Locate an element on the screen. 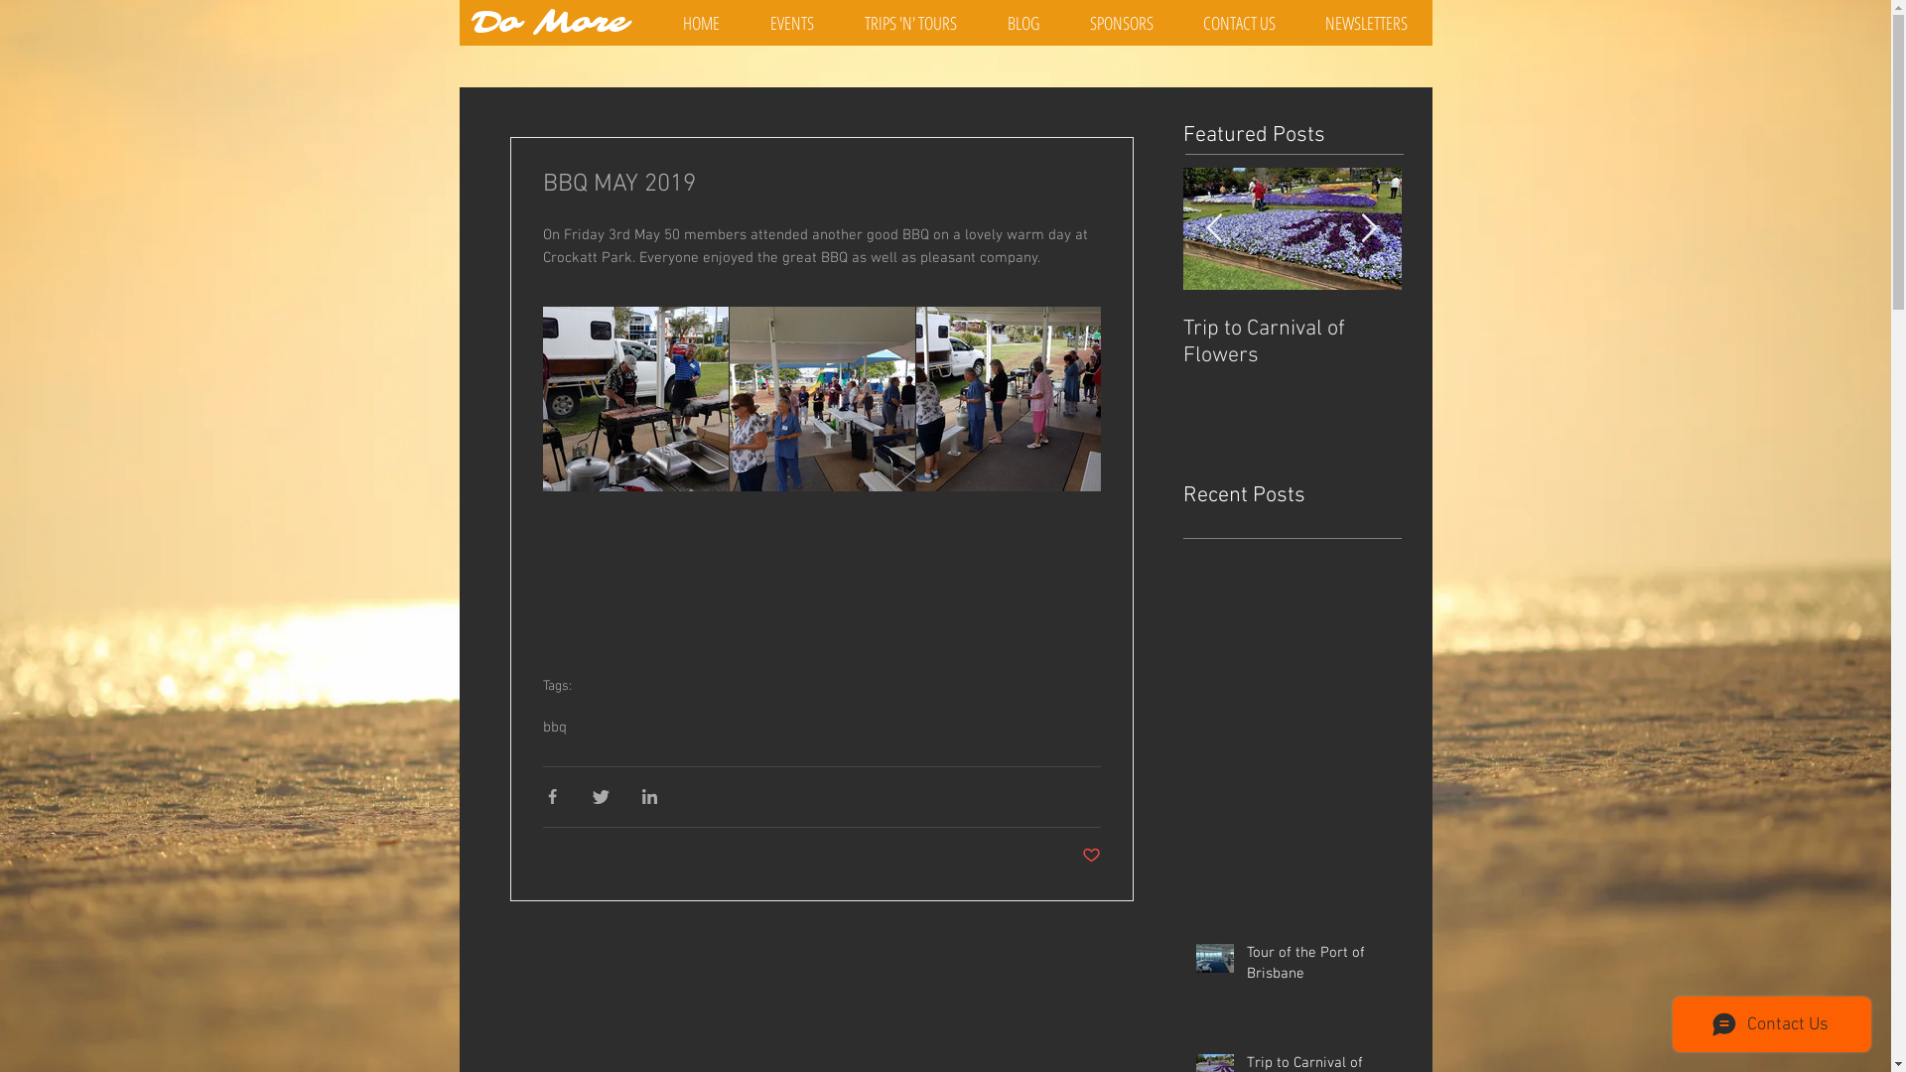 This screenshot has height=1072, width=1906. 'CONTACT US' is located at coordinates (1237, 23).